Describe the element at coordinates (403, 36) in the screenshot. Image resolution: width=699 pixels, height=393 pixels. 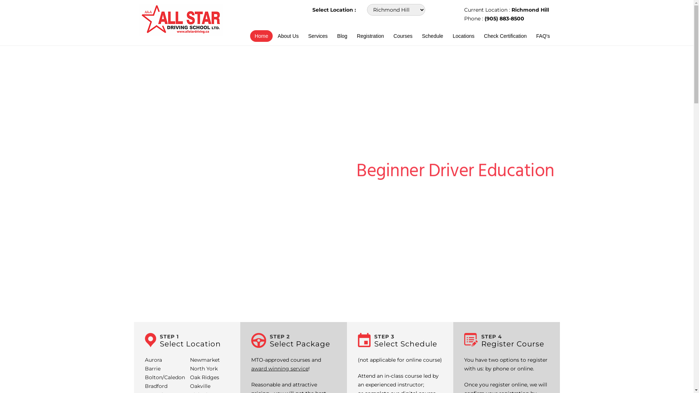
I see `'Courses'` at that location.